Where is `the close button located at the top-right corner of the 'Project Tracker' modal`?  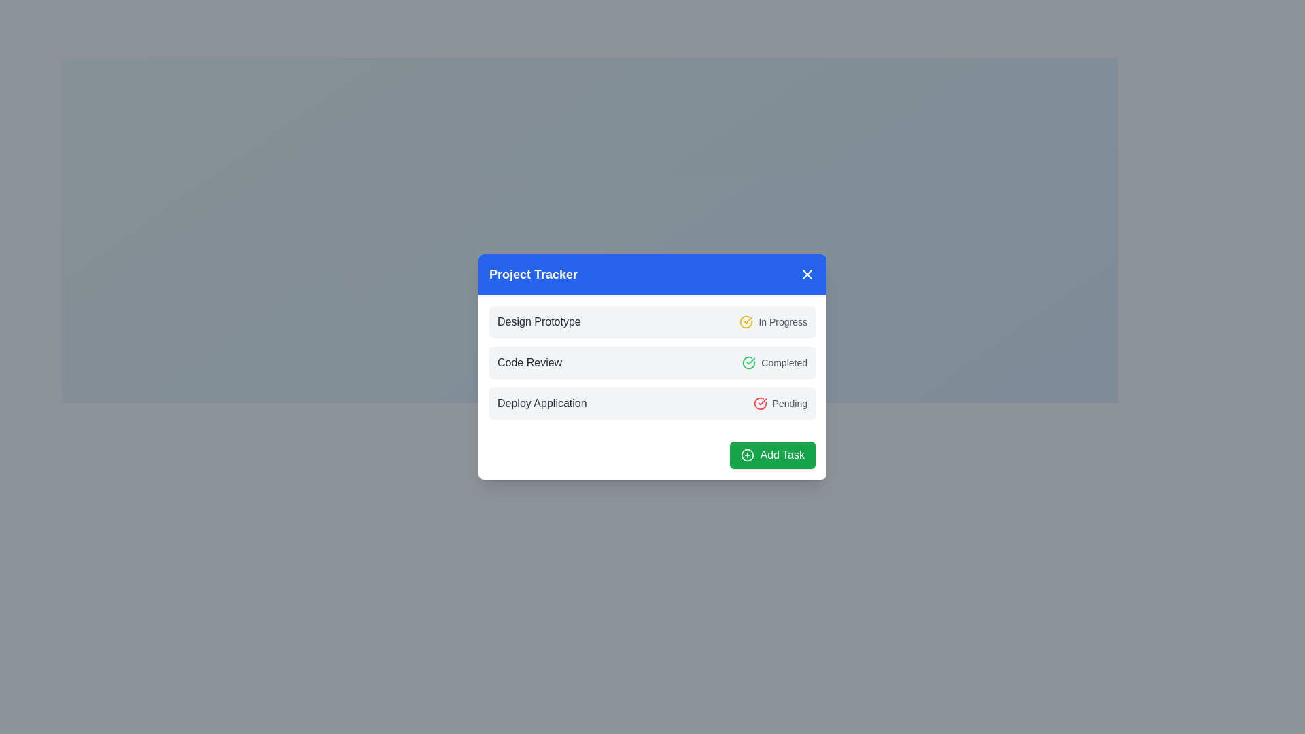
the close button located at the top-right corner of the 'Project Tracker' modal is located at coordinates (807, 275).